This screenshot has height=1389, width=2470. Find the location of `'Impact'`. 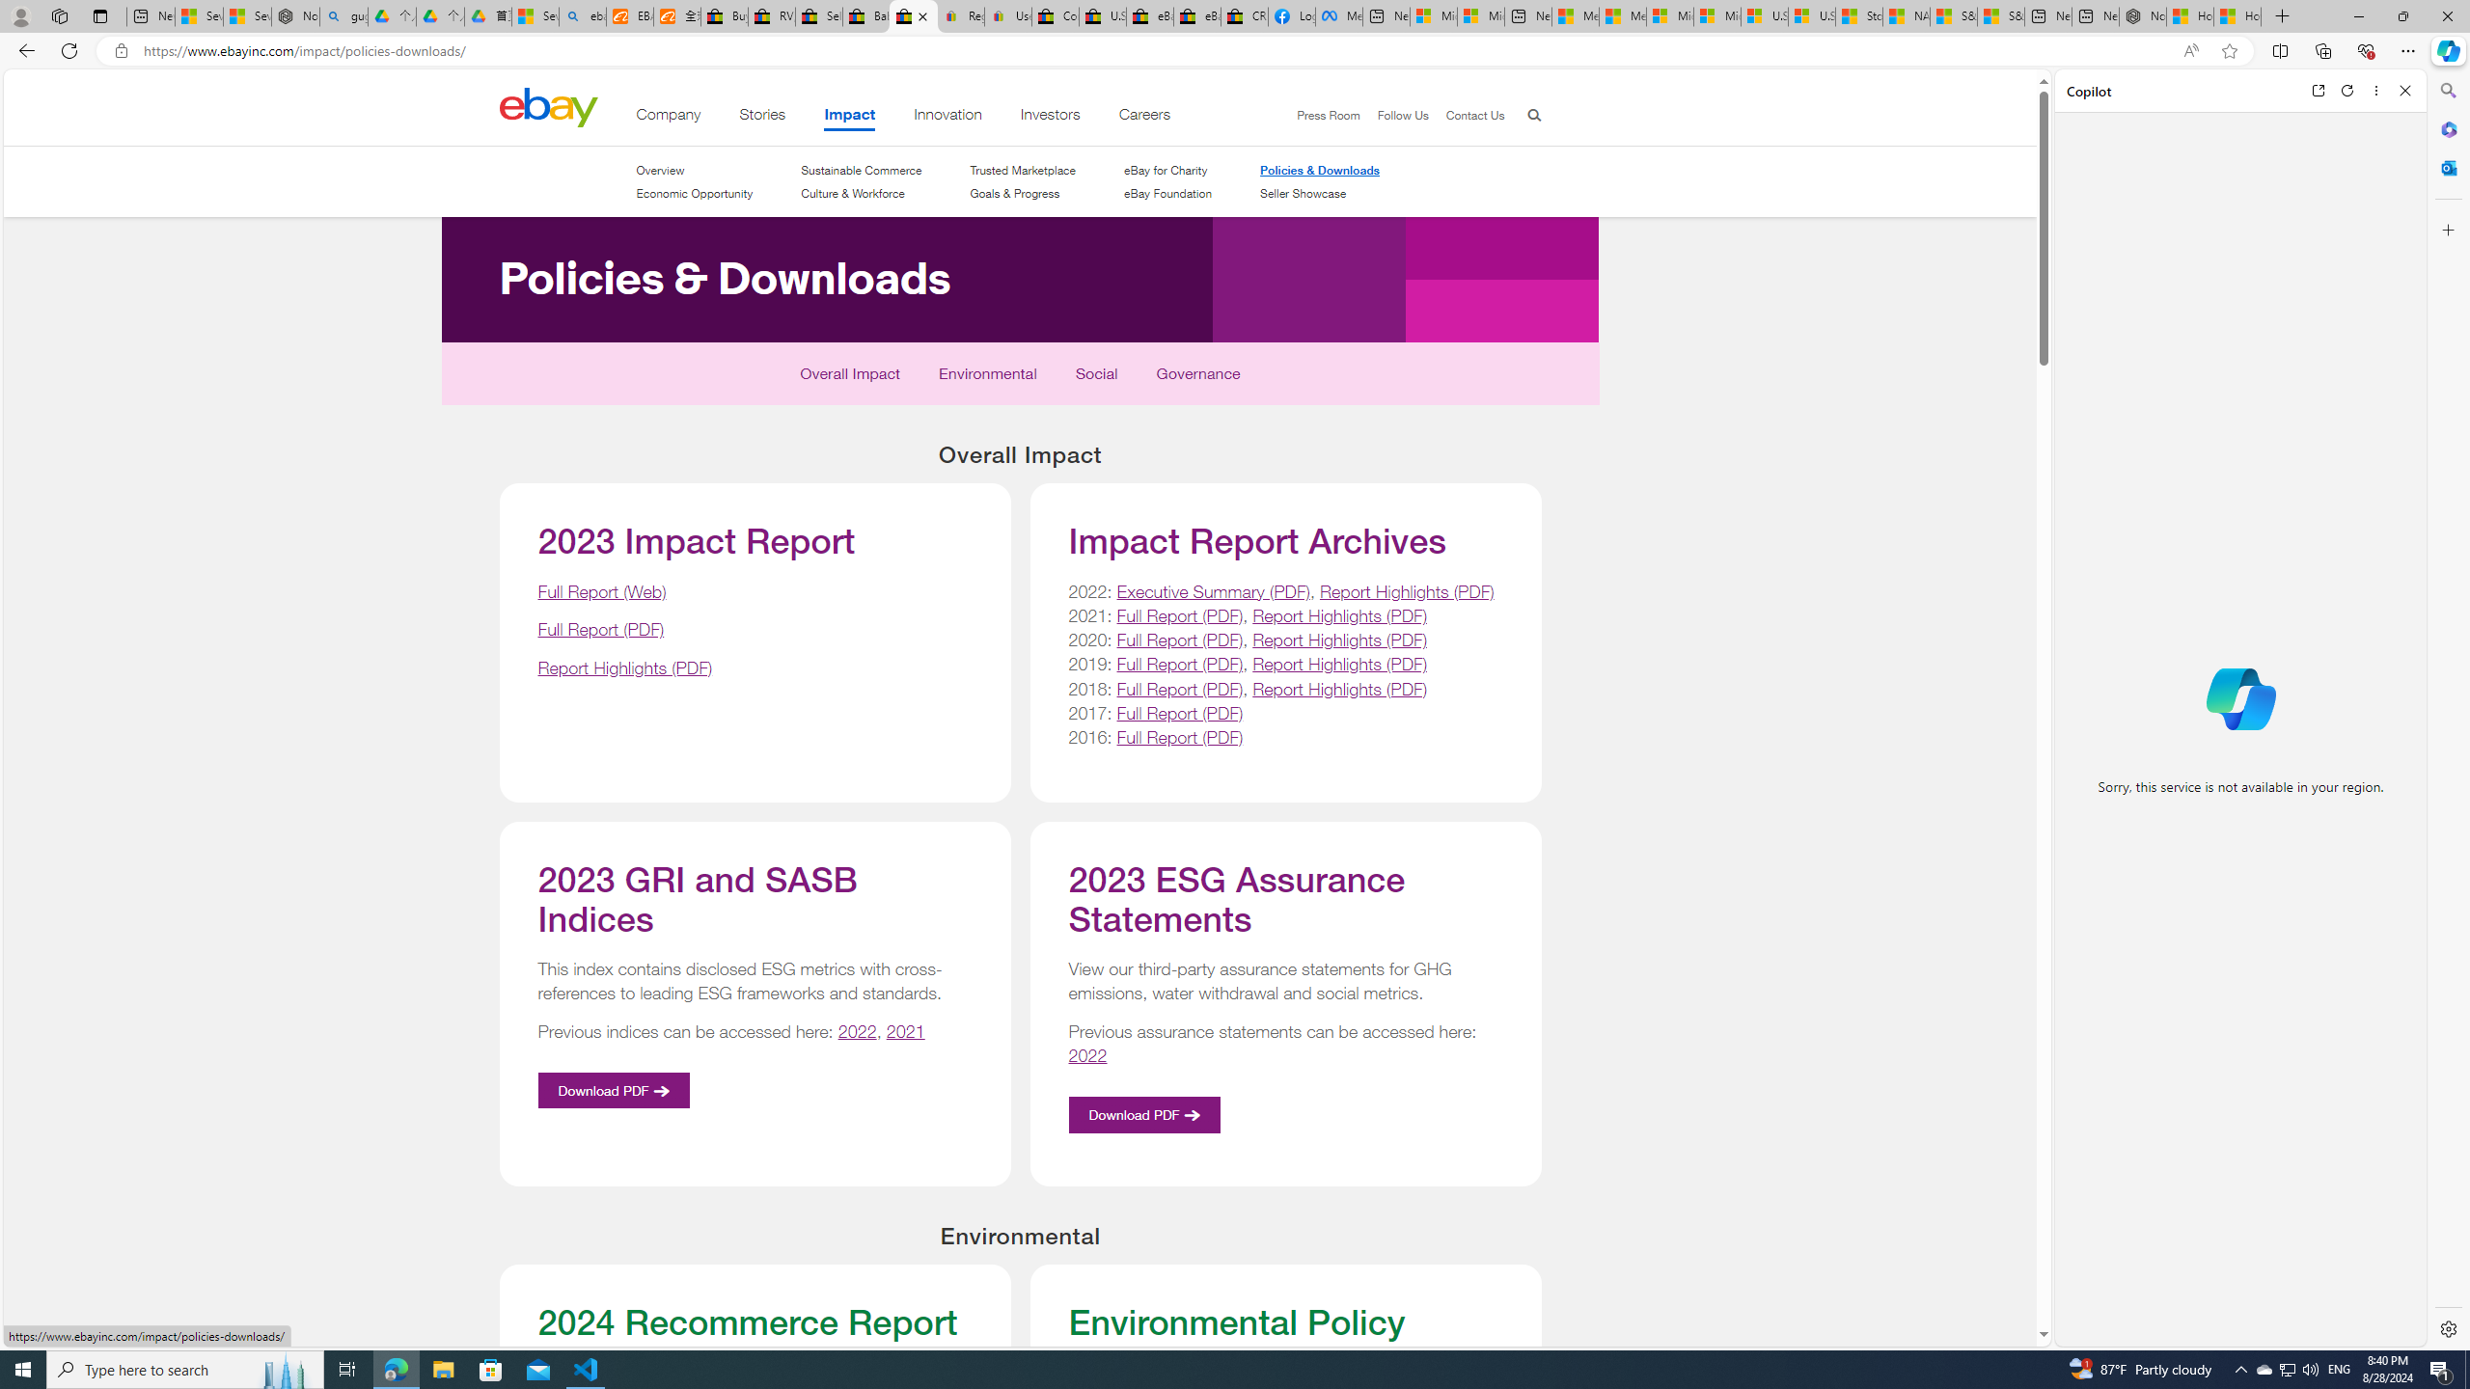

'Impact' is located at coordinates (849, 118).